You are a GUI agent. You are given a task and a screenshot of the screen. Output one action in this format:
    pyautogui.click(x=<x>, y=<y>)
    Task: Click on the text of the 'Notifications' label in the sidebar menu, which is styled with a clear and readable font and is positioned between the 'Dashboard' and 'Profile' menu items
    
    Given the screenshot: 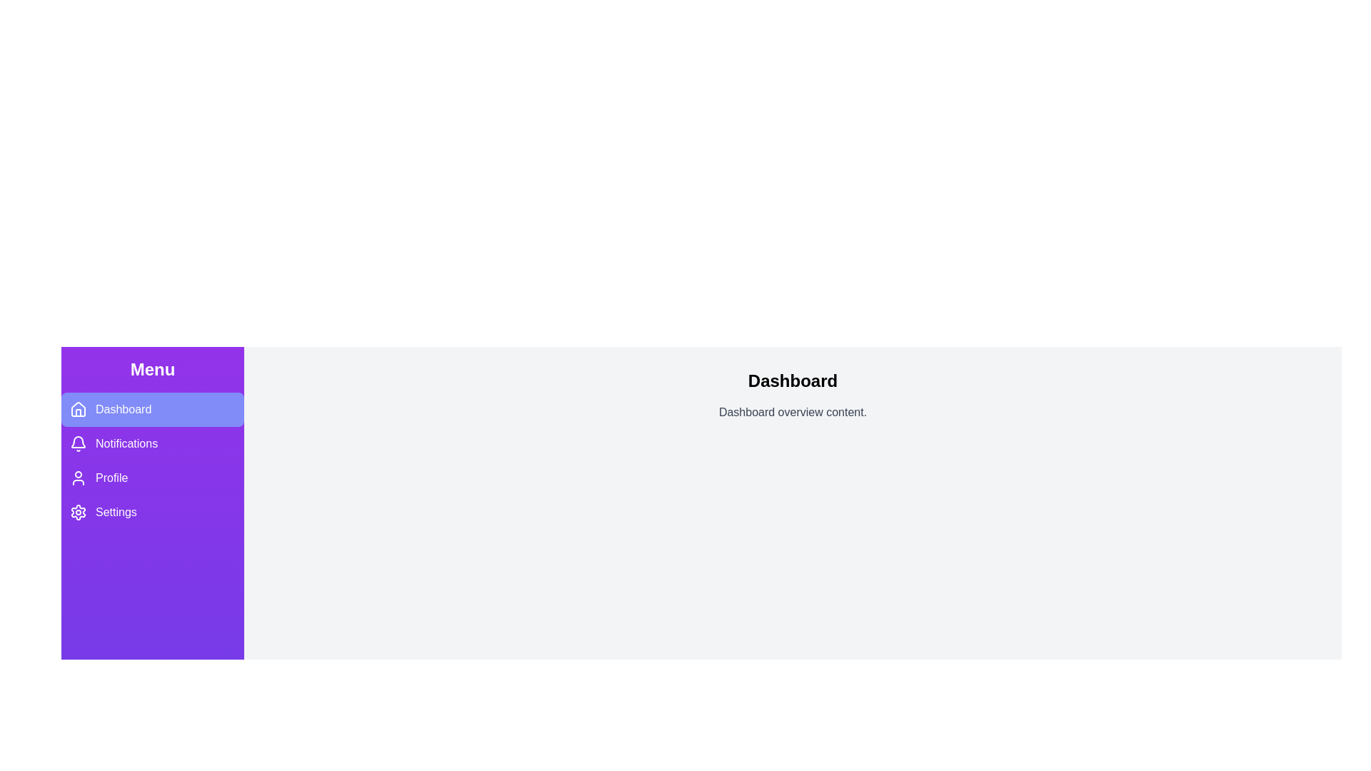 What is the action you would take?
    pyautogui.click(x=126, y=443)
    